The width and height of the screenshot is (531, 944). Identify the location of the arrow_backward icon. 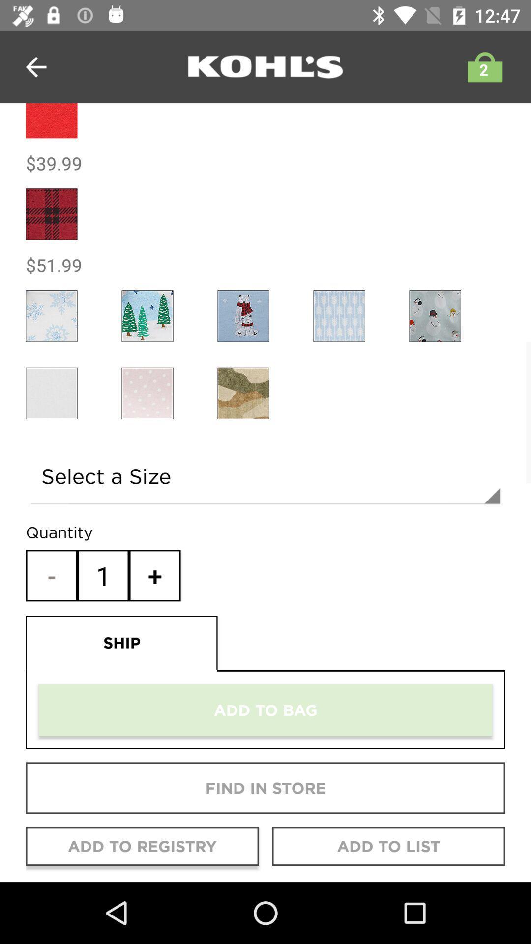
(35, 66).